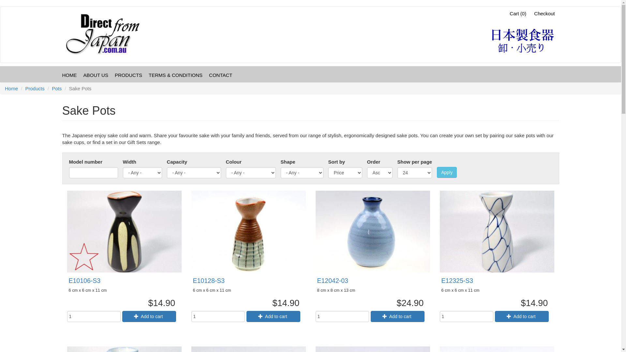 This screenshot has width=626, height=352. I want to click on 'Products', so click(35, 88).